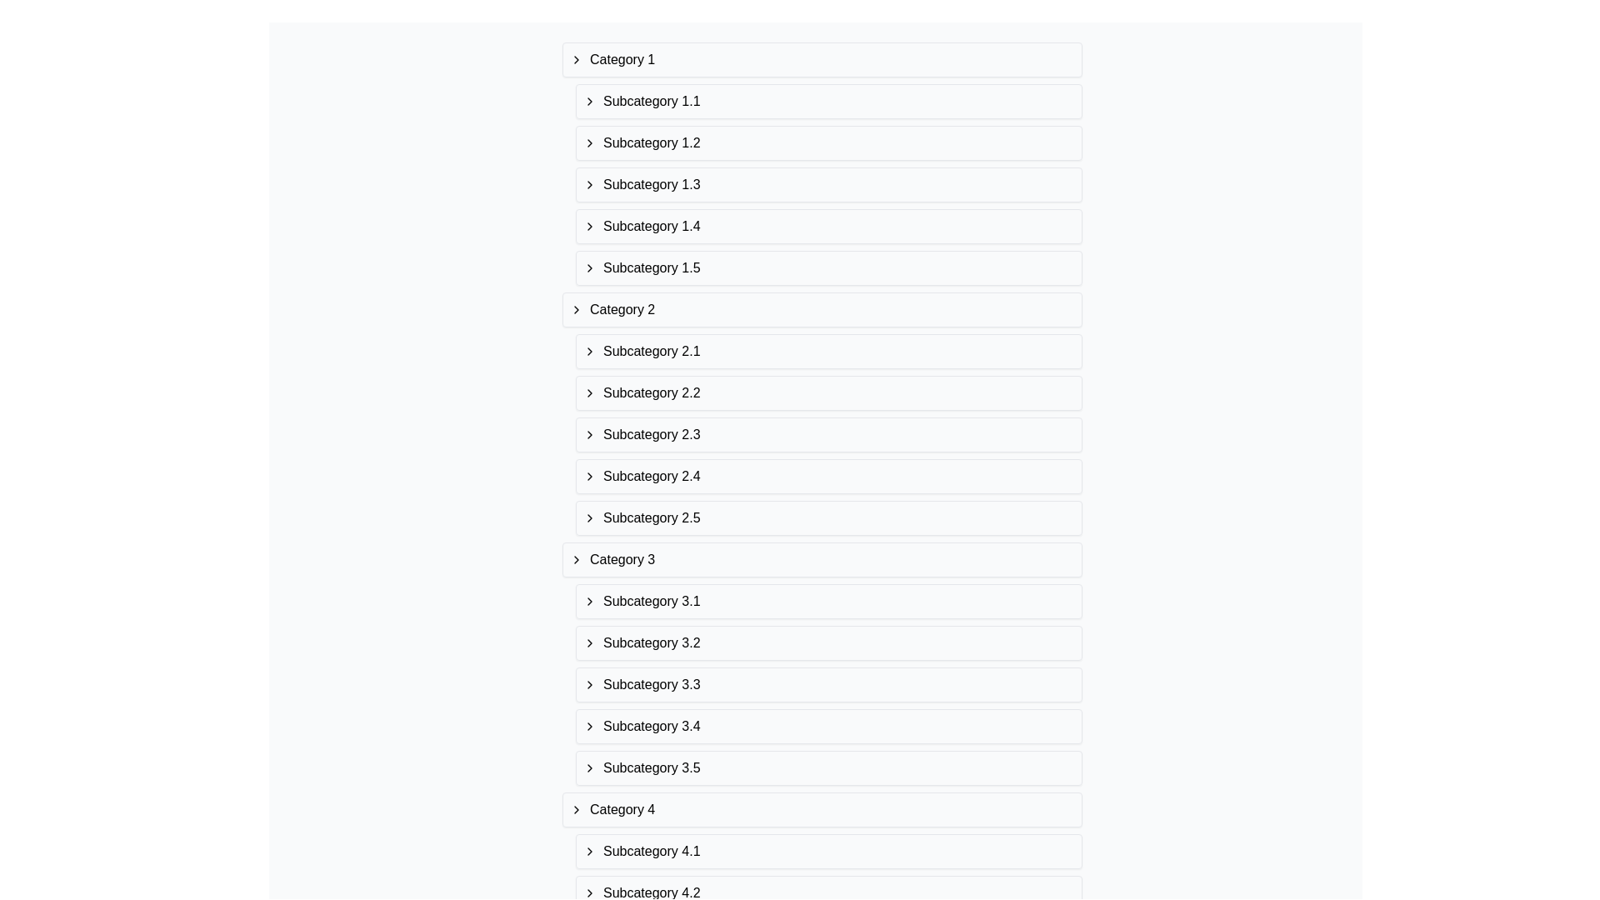 Image resolution: width=1600 pixels, height=900 pixels. I want to click on the rightward-pointing chevron icon located next to the text 'Subcategory 2.4', so click(590, 476).